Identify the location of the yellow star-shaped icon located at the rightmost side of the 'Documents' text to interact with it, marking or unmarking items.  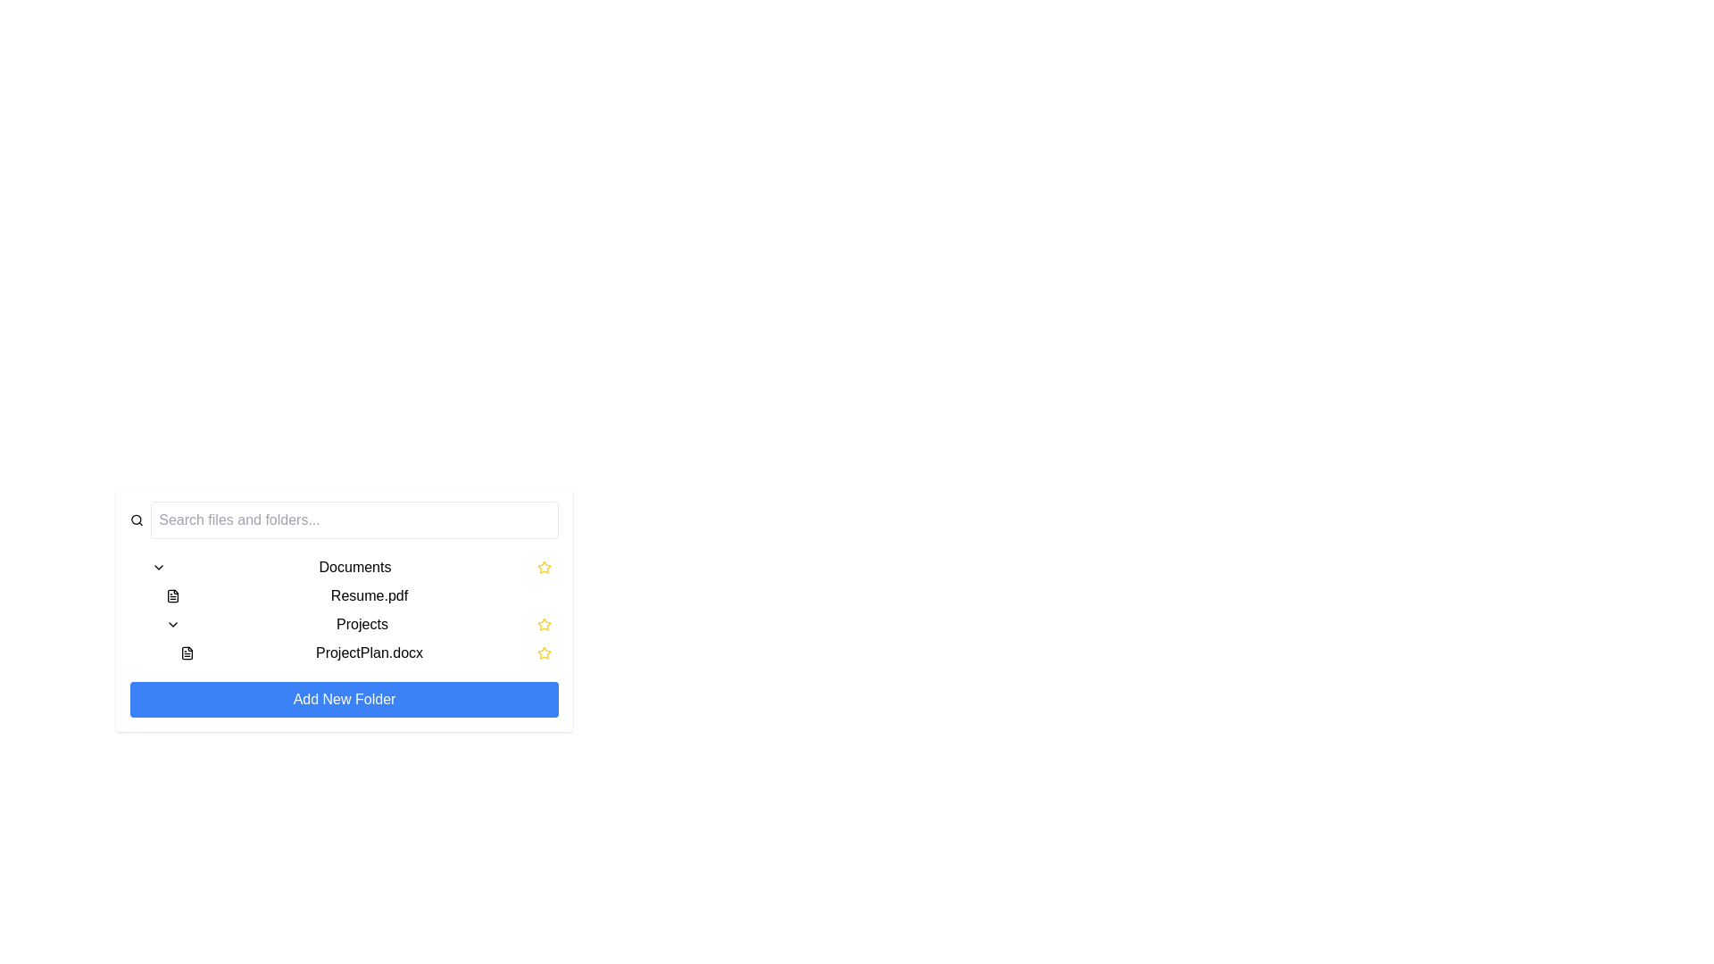
(543, 568).